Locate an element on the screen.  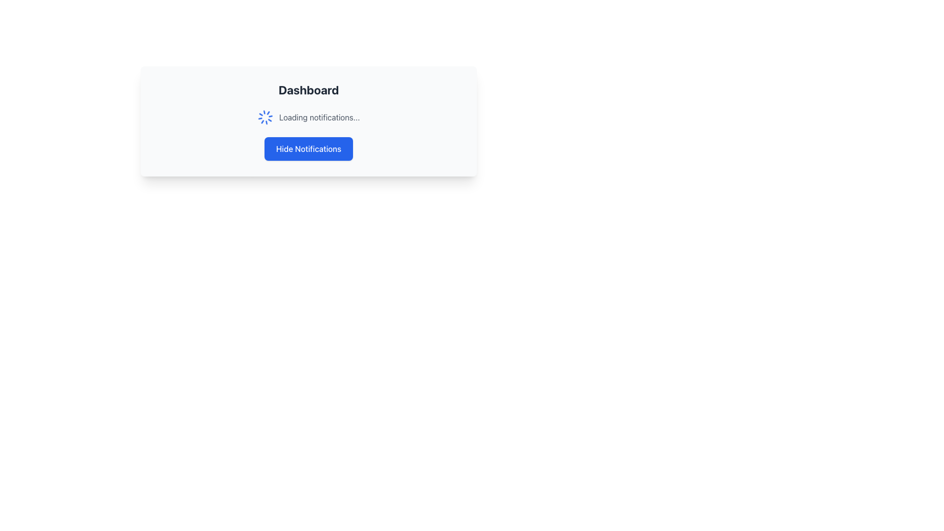
prominently styled text component featuring the word 'Dashboard' in bold, large font, located at the center of the card-like panel is located at coordinates (308, 89).